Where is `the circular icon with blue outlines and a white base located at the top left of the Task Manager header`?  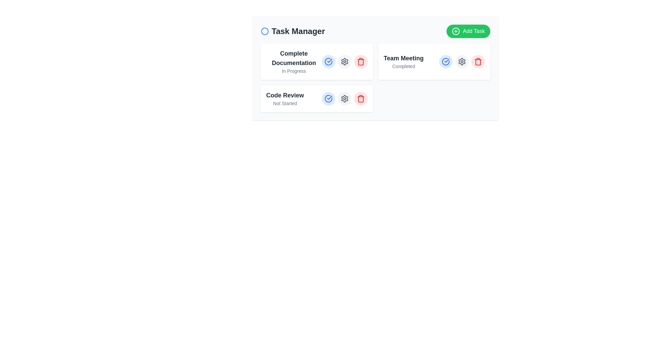 the circular icon with blue outlines and a white base located at the top left of the Task Manager header is located at coordinates (265, 31).